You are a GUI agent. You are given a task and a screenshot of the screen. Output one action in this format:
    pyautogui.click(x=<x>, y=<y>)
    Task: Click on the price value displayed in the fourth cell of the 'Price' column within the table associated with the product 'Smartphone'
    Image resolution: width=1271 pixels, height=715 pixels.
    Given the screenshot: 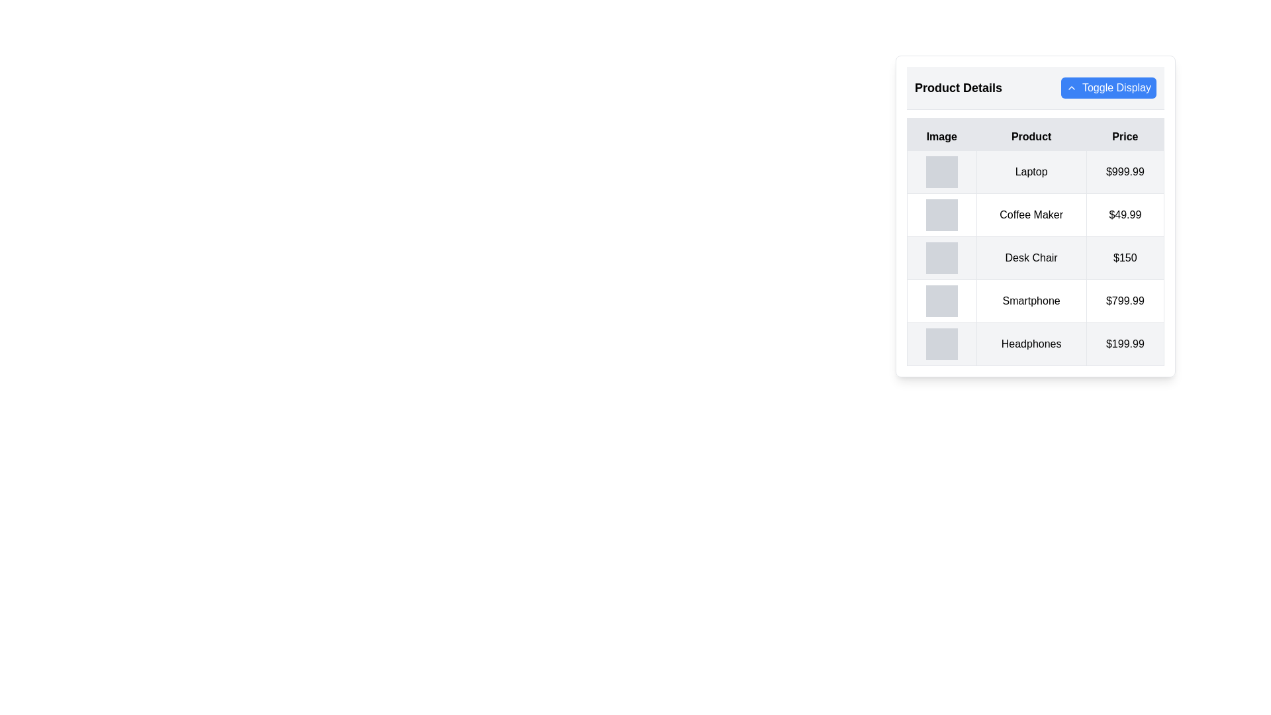 What is the action you would take?
    pyautogui.click(x=1124, y=301)
    